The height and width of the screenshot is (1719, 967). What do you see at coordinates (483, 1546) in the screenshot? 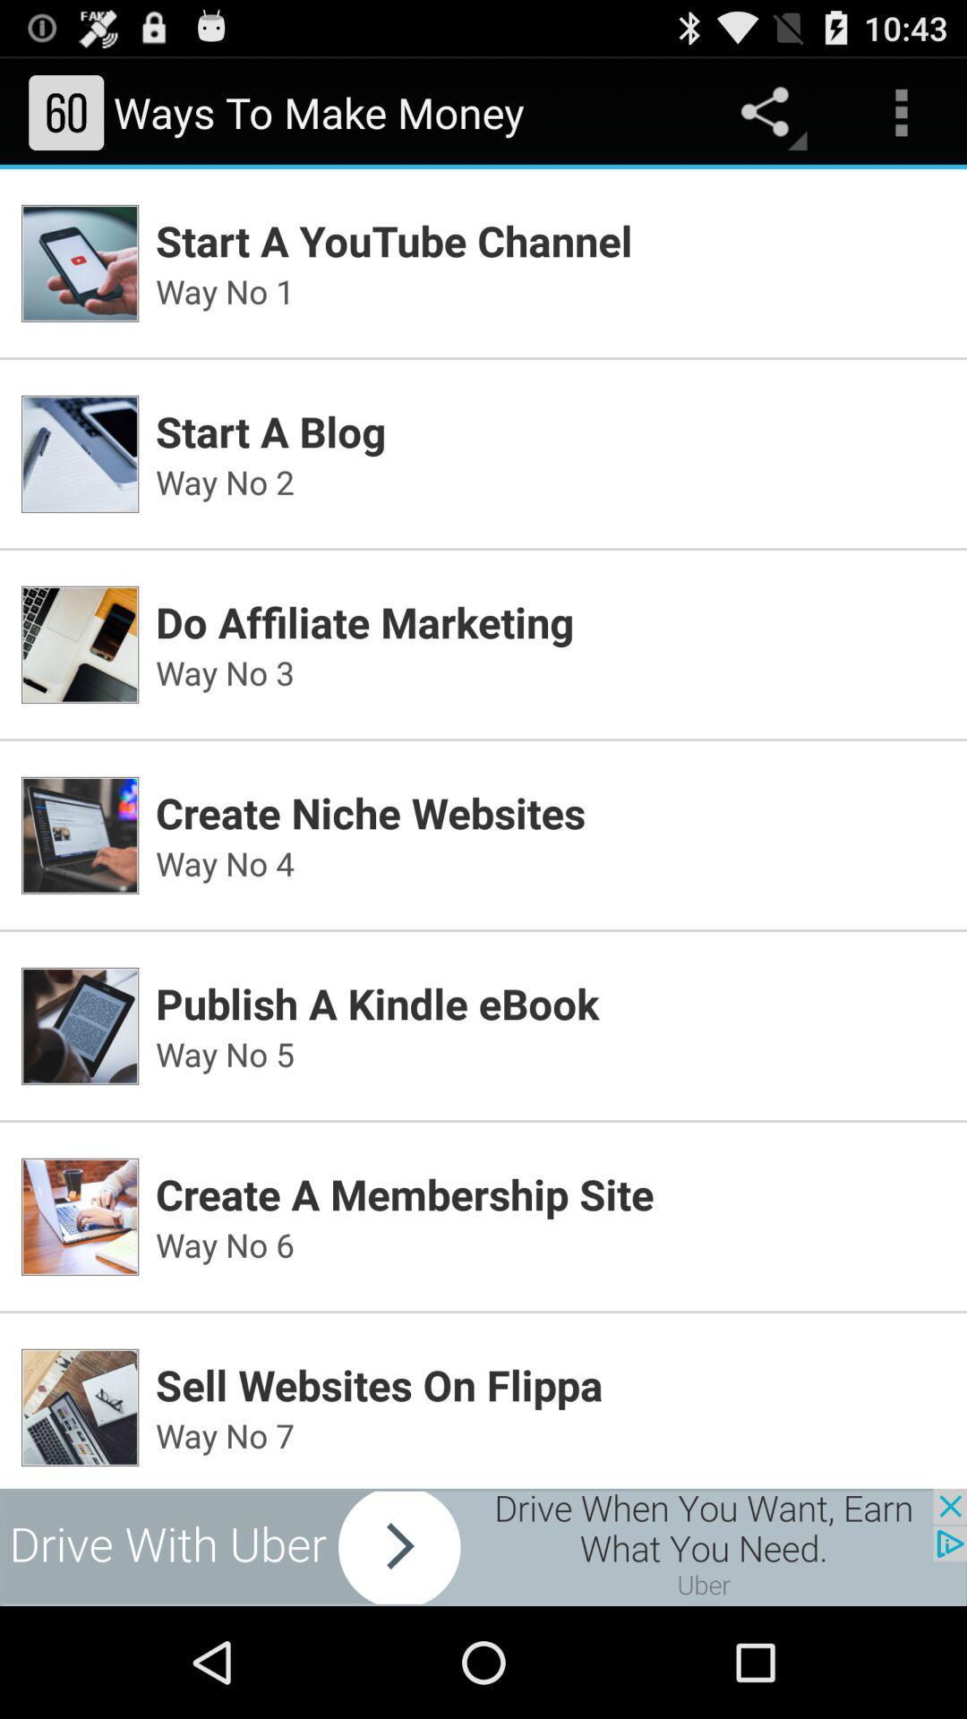
I see `share the article` at bounding box center [483, 1546].